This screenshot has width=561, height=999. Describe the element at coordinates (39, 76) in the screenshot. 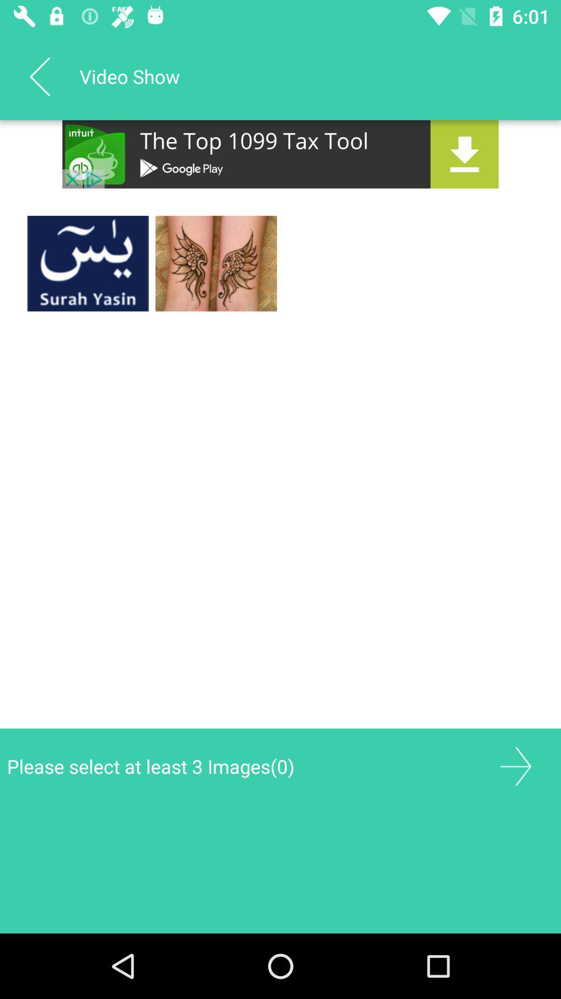

I see `the arrow_backward icon` at that location.